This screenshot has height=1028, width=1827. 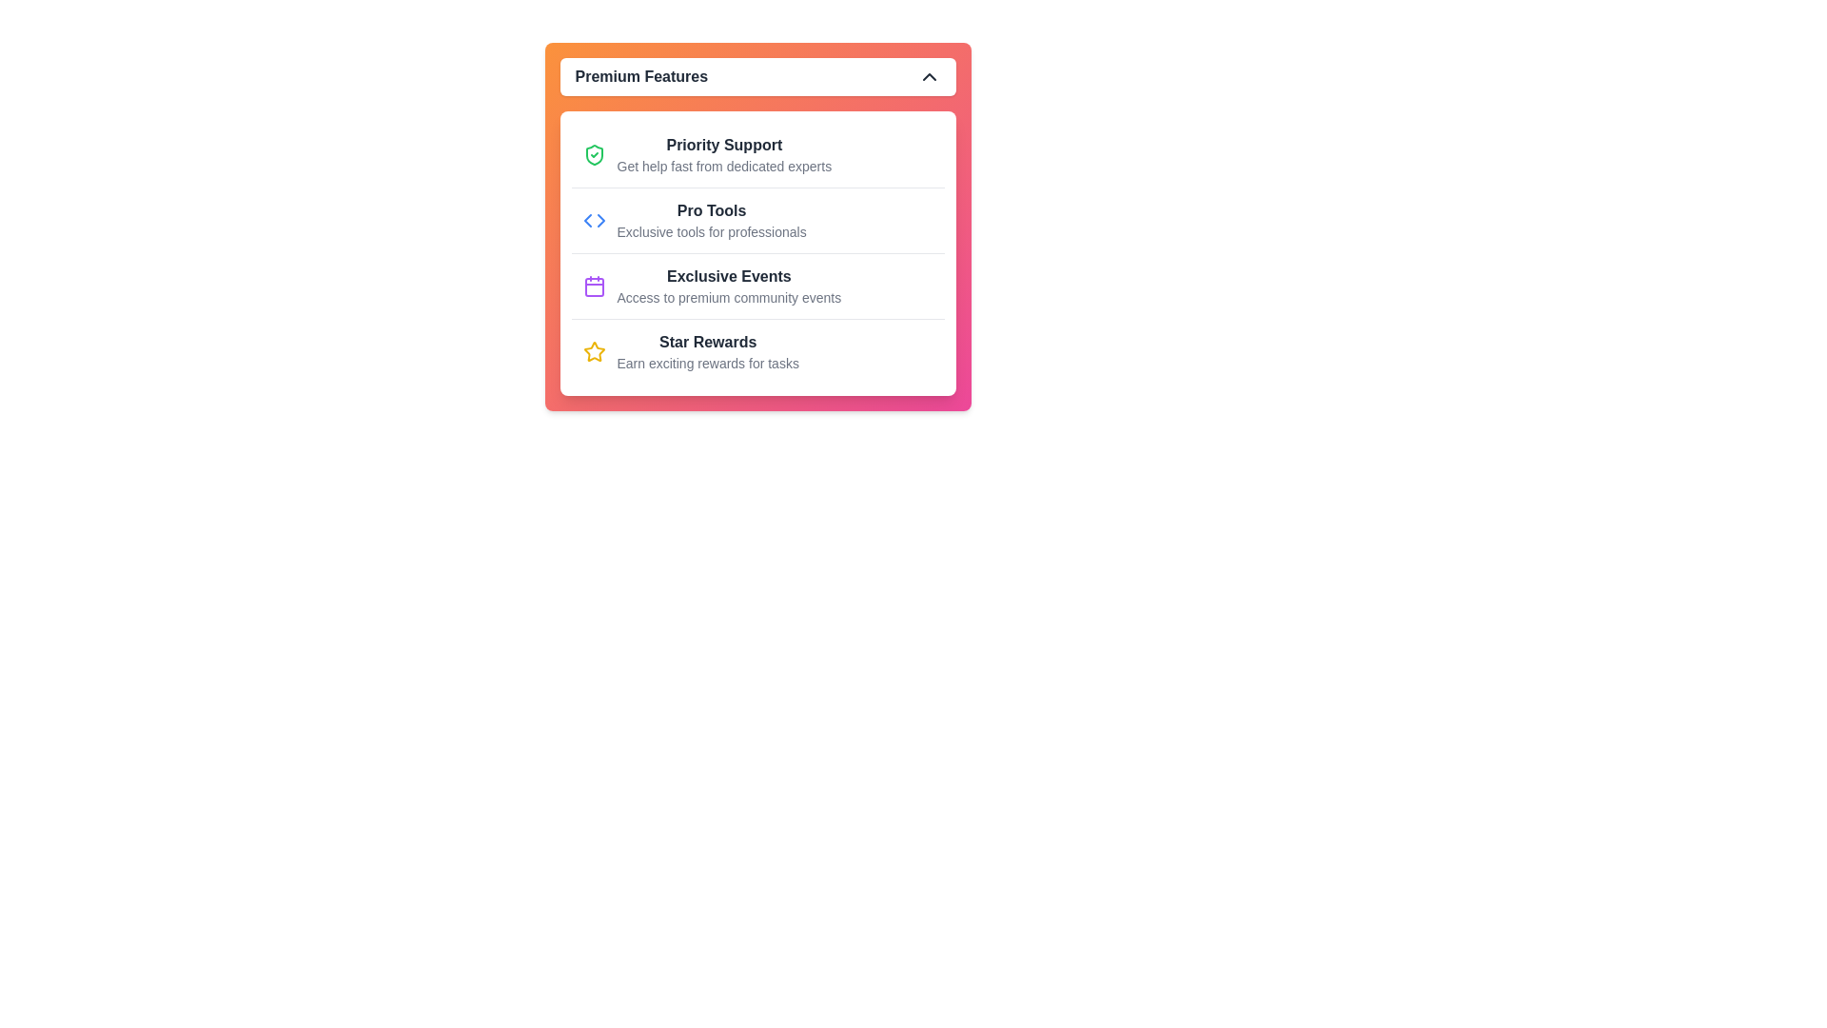 I want to click on the text label providing additional descriptive information about the 'Exclusive Events' feature, located directly below the text 'Exclusive Events', so click(x=728, y=297).